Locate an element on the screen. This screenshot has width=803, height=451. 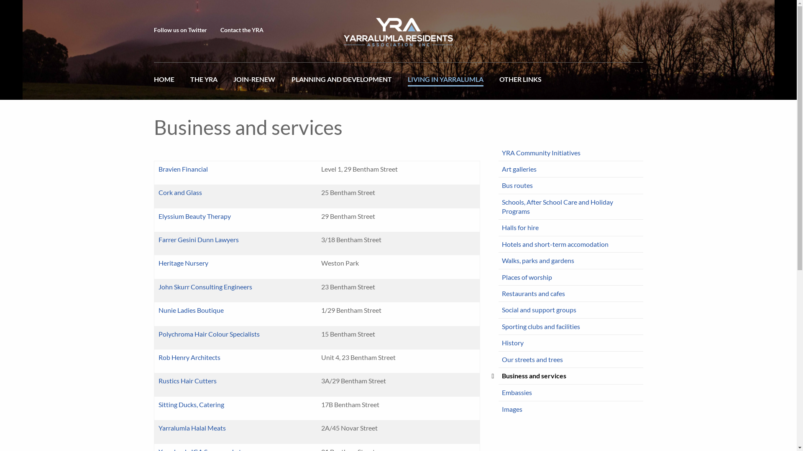
'THE YRA' is located at coordinates (204, 81).